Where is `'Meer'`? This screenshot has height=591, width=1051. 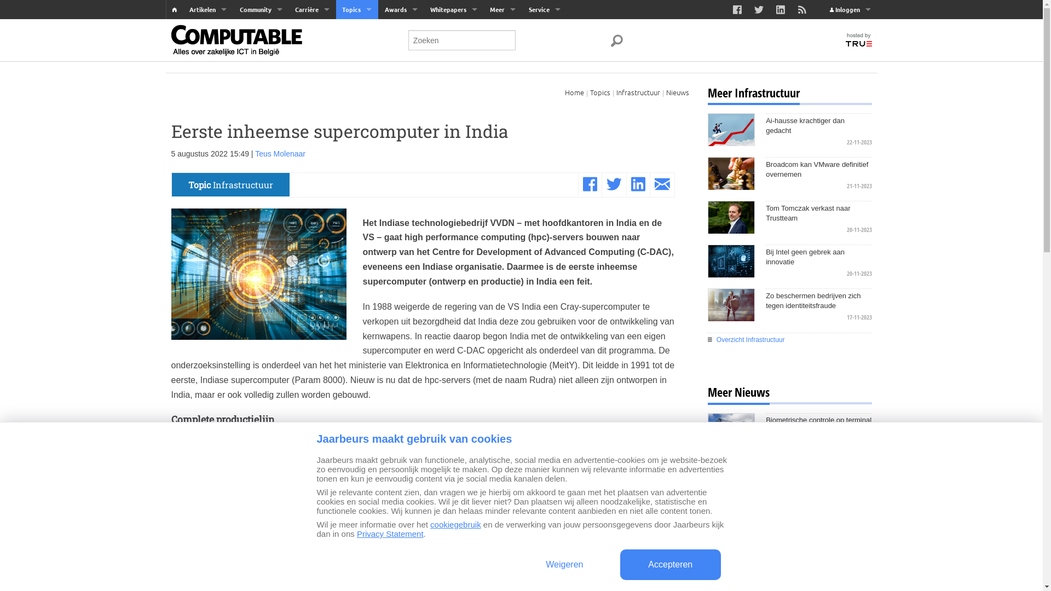
'Meer' is located at coordinates (502, 9).